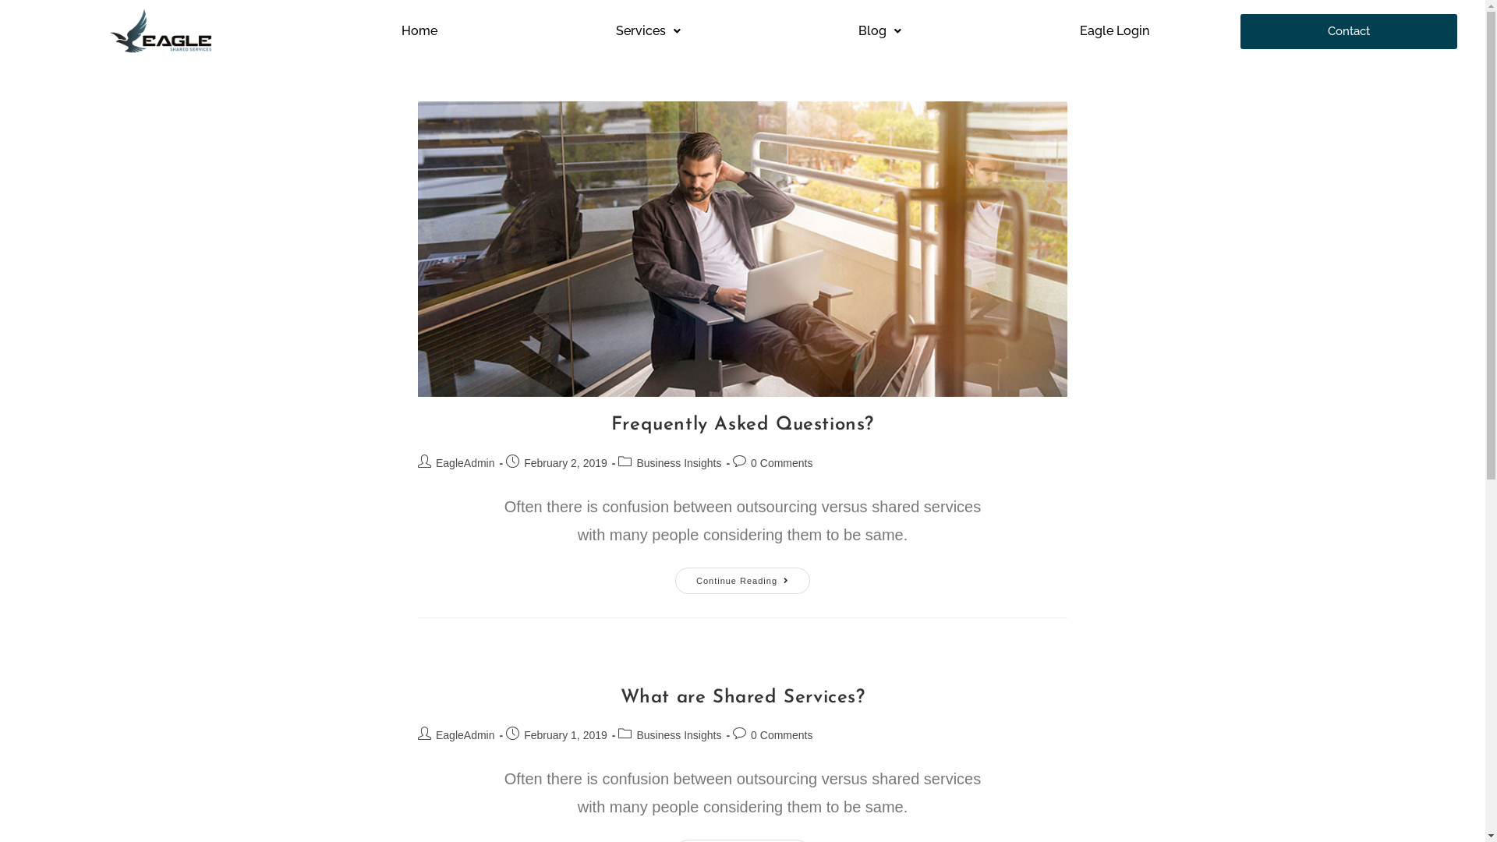  I want to click on 'Home', so click(419, 30).